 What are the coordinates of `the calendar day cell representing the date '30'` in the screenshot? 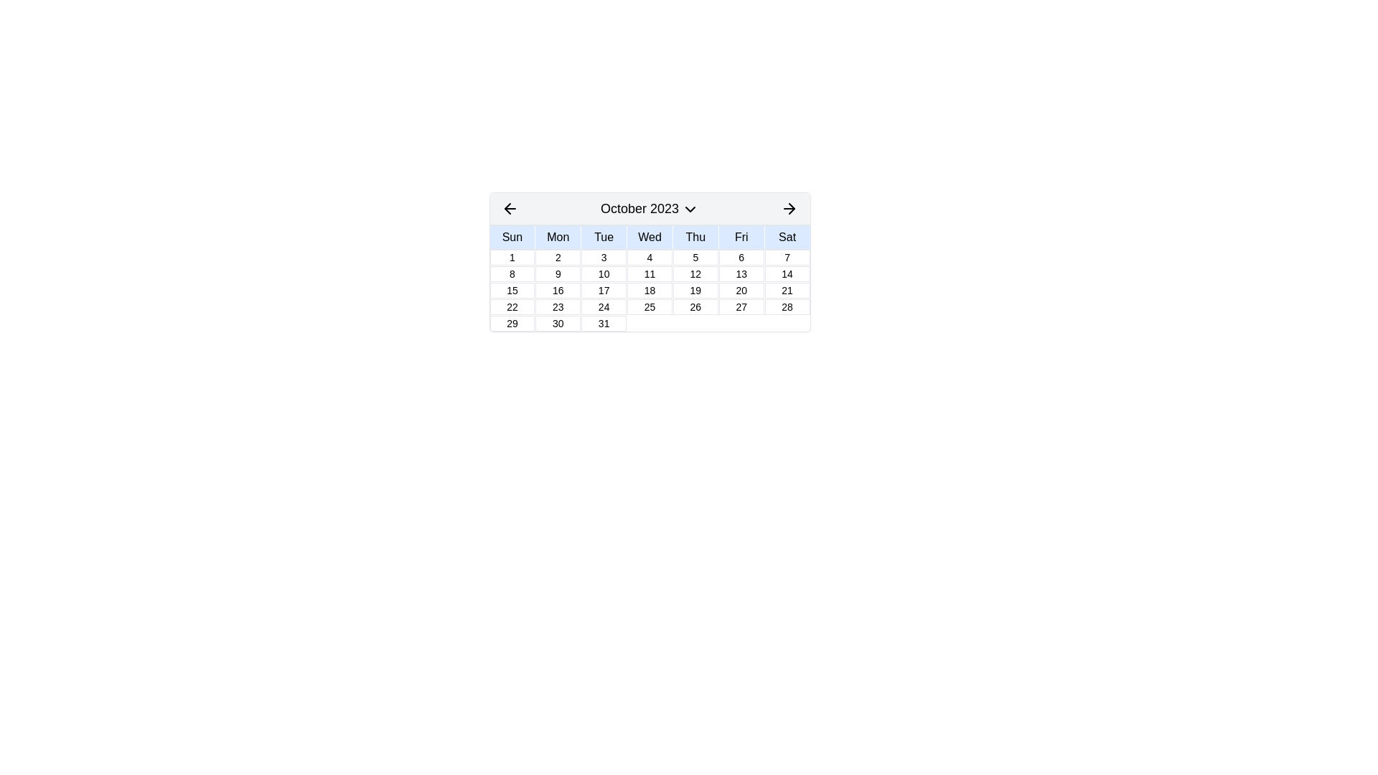 It's located at (557, 324).